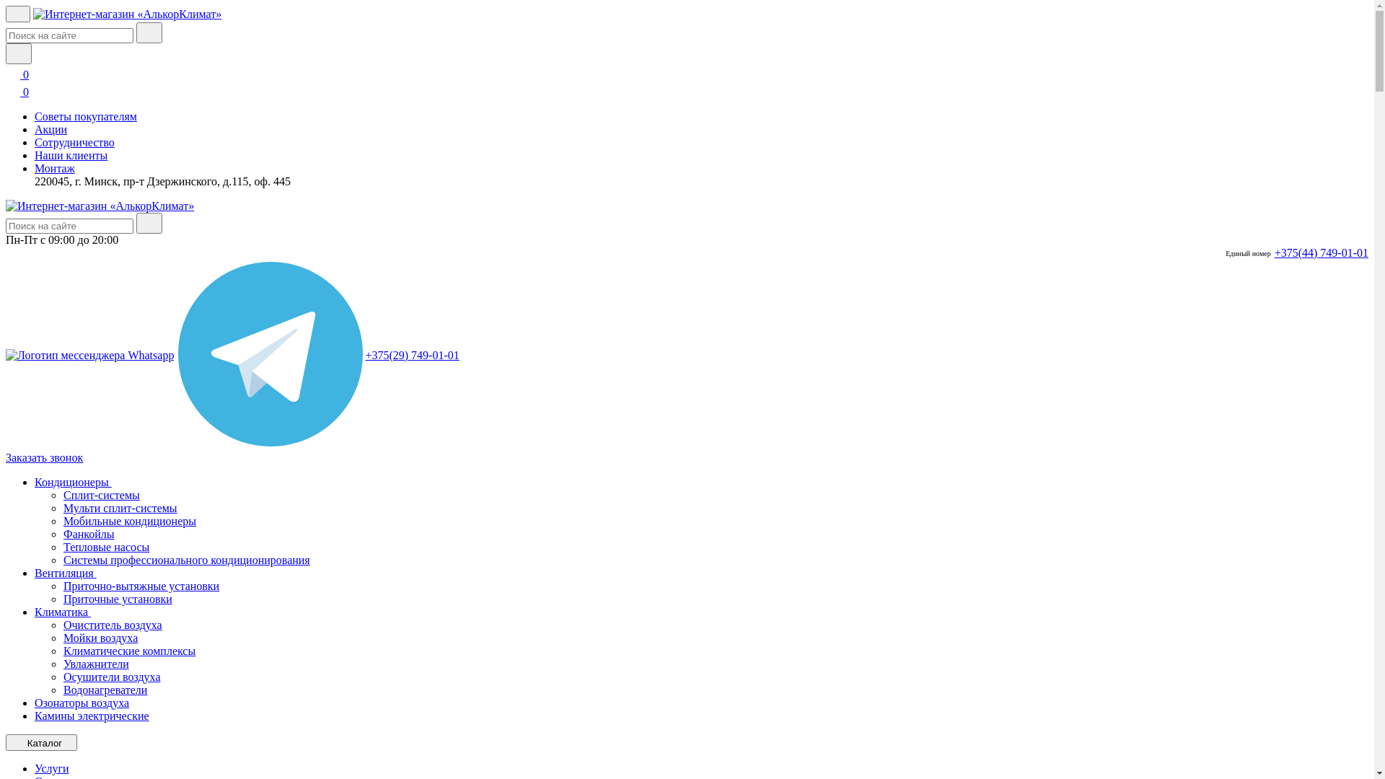 This screenshot has height=779, width=1385. Describe the element at coordinates (1322, 252) in the screenshot. I see `'+375(44) 749-01-01'` at that location.